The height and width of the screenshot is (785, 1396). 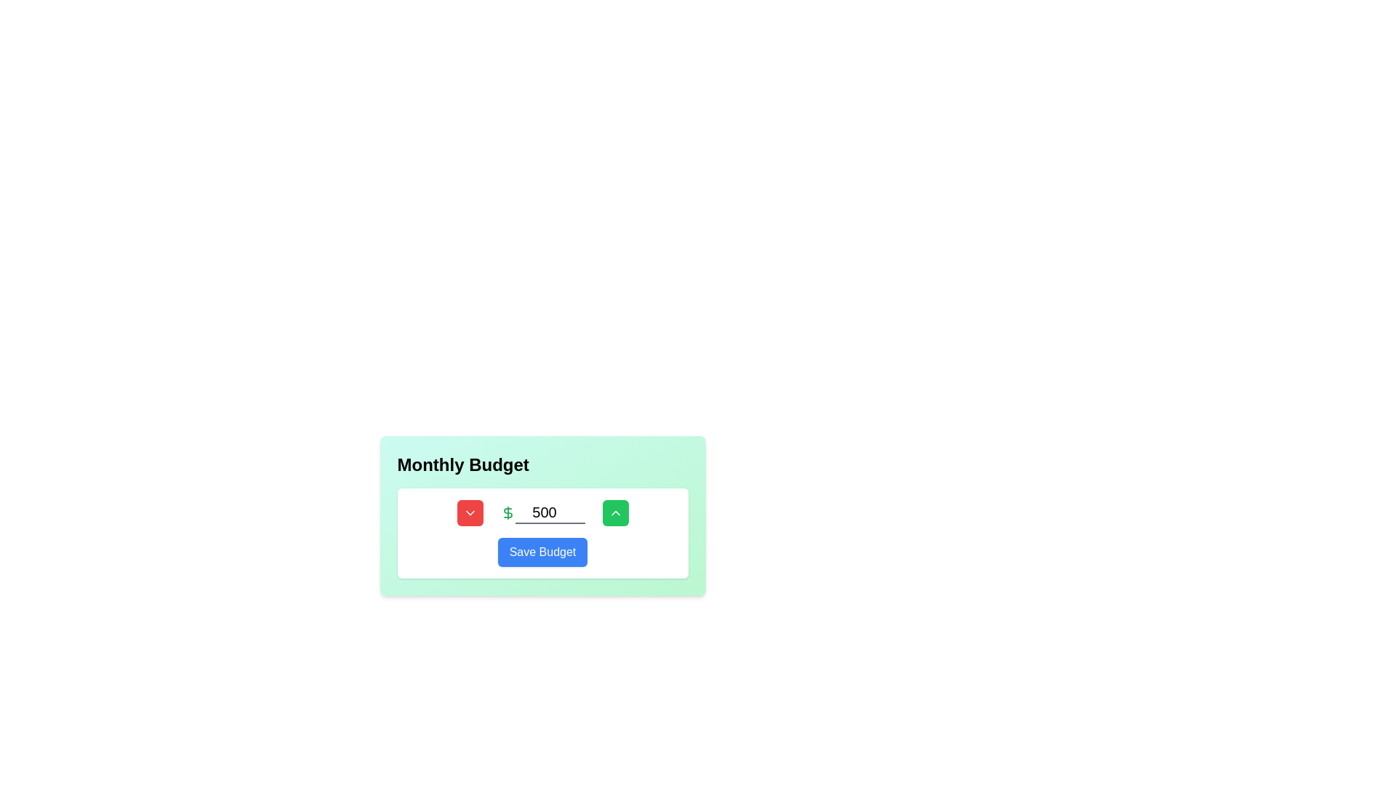 What do you see at coordinates (615, 512) in the screenshot?
I see `the upward chevron icon within the green button` at bounding box center [615, 512].